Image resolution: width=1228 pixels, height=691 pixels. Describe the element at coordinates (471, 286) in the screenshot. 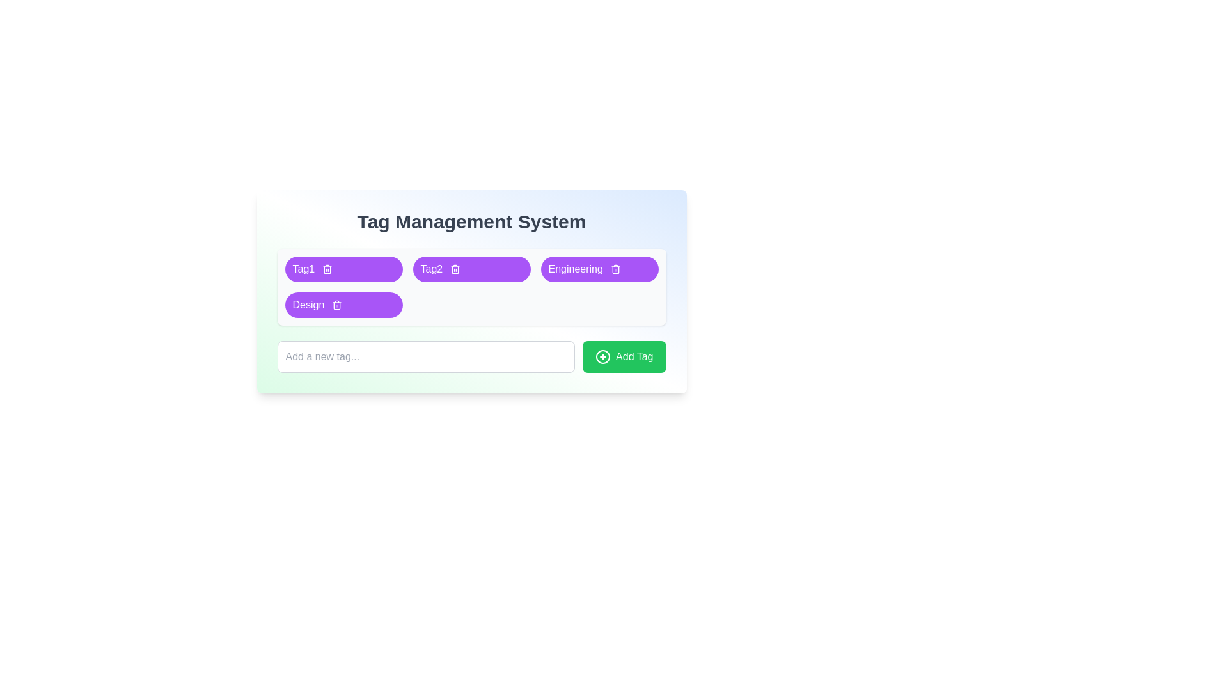

I see `the tags displayed in the 'Tag Management System' section, which showcases individual tags with options for interaction` at that location.